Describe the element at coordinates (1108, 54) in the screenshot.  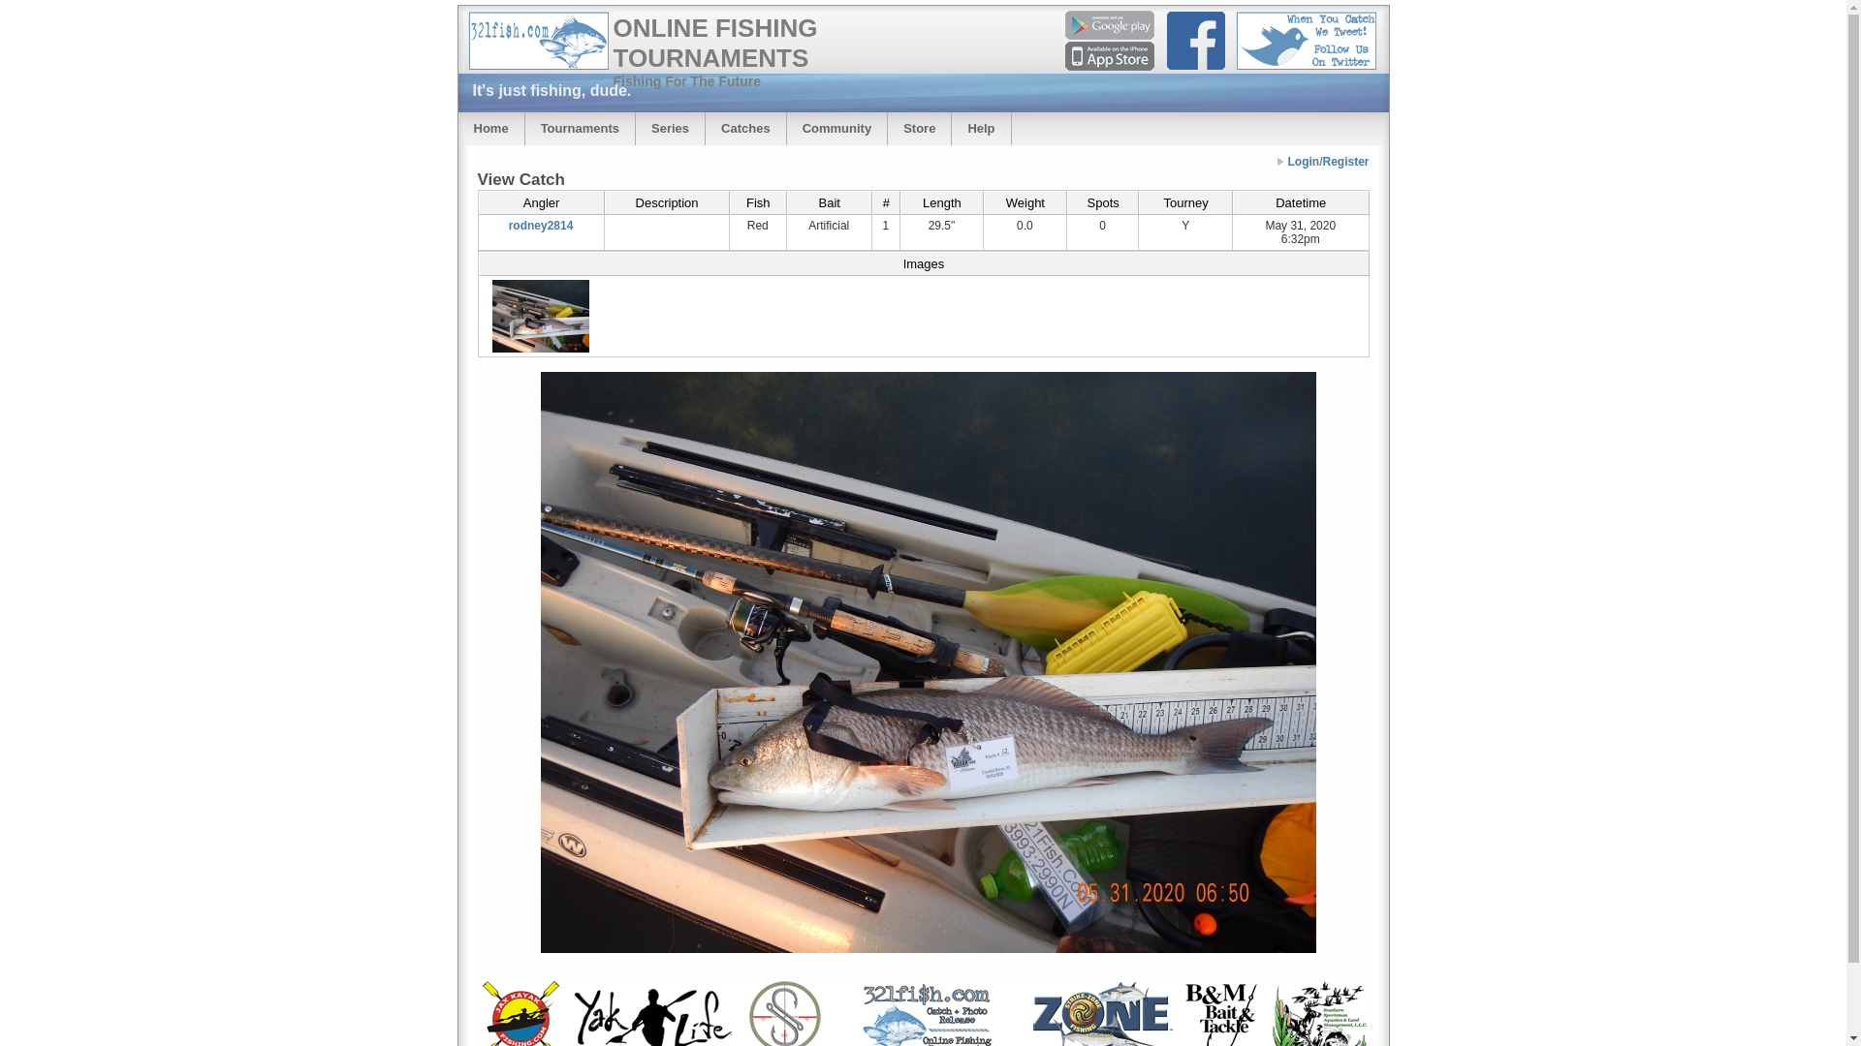
I see `'App at Apple AppStore'` at that location.